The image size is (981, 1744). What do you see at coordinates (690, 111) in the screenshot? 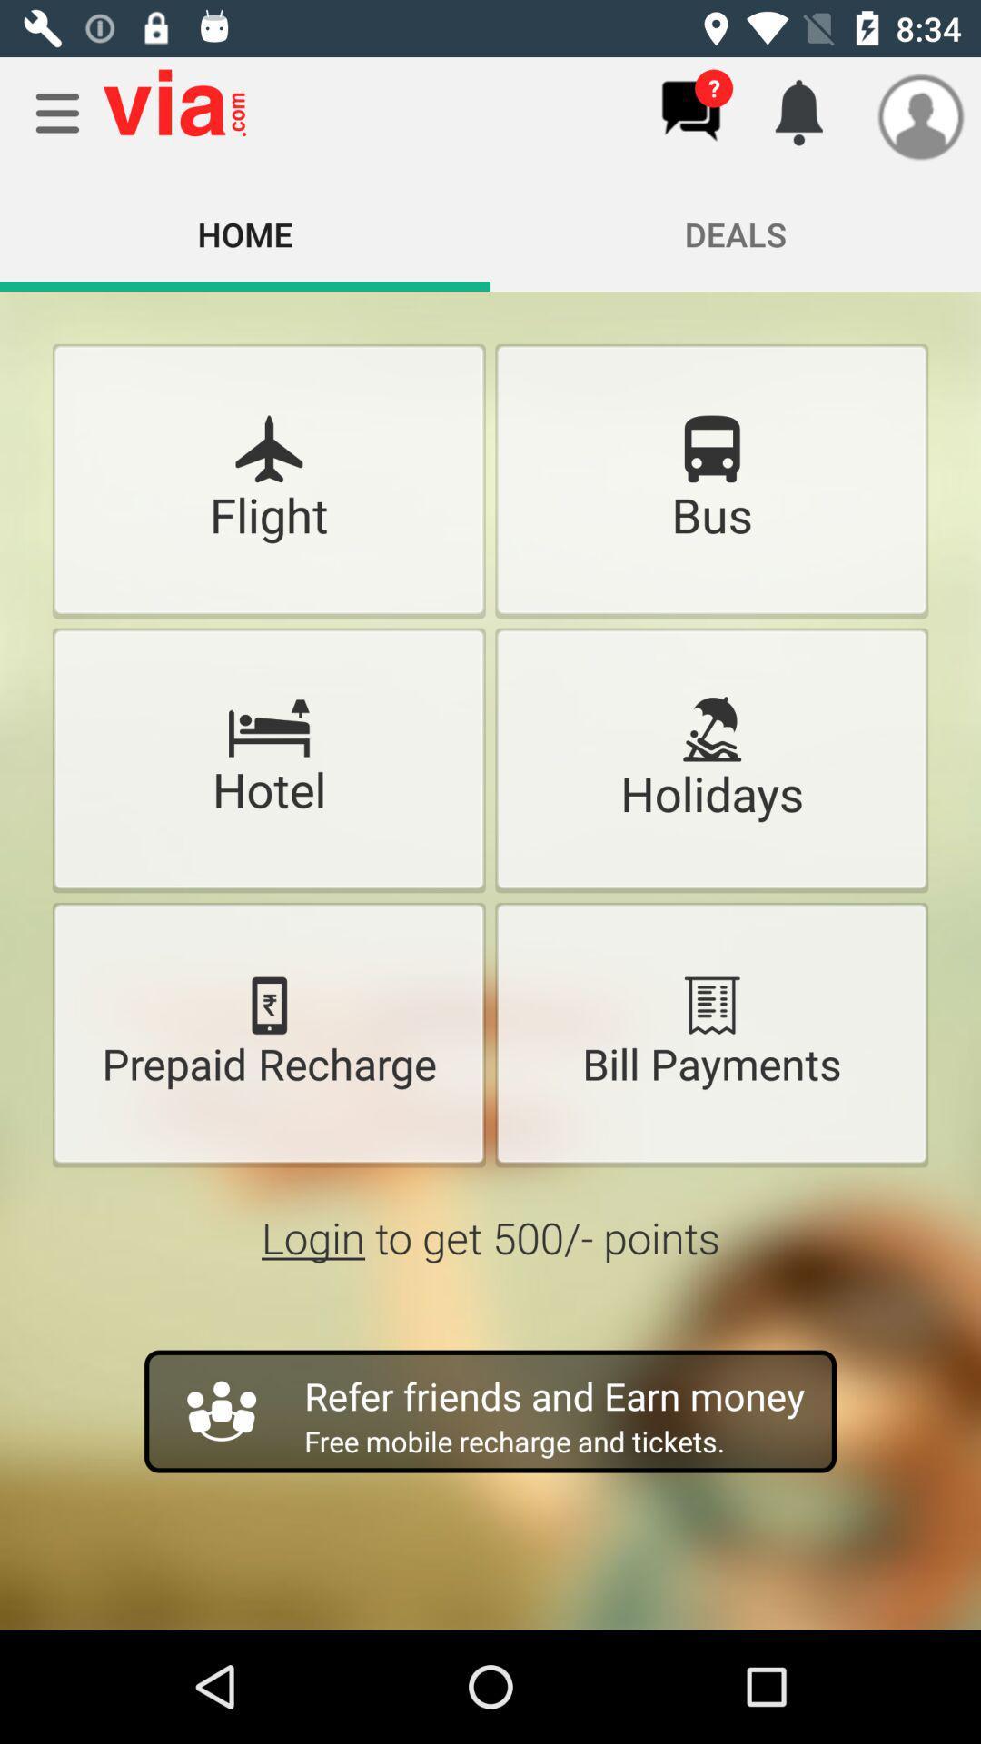
I see `the message icon` at bounding box center [690, 111].